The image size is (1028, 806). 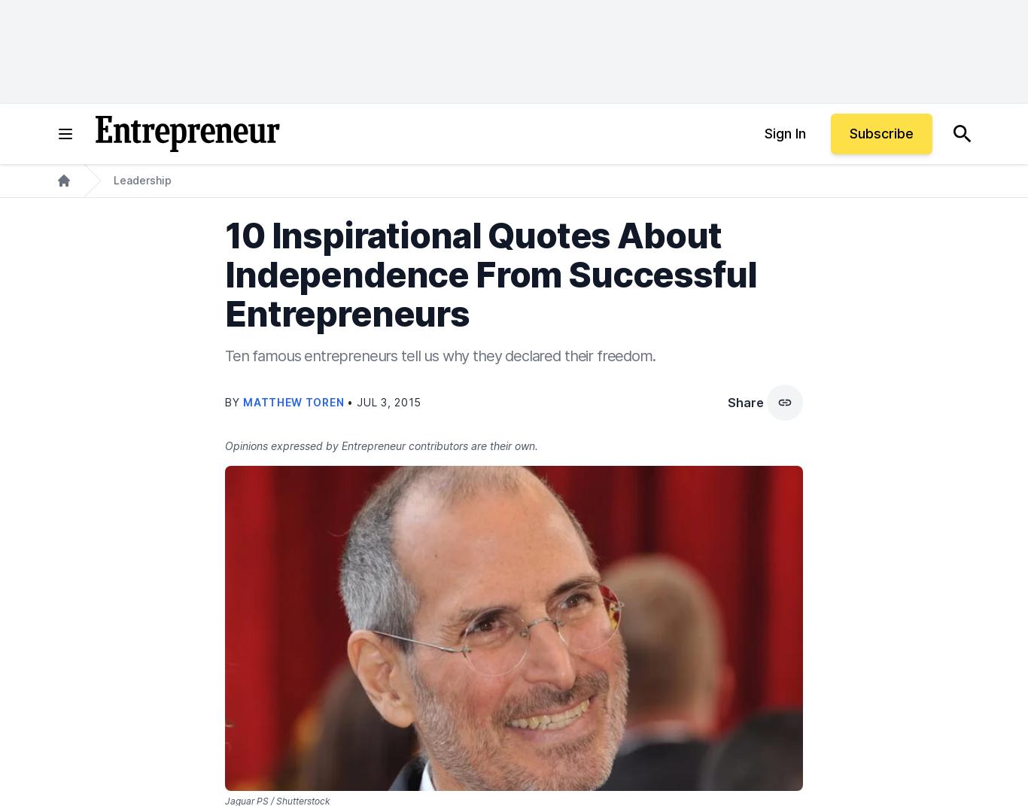 What do you see at coordinates (514, 357) in the screenshot?
I see `'They're Not Grateful for Stingy Vacation Policies — and the Breaking Point Is Near'` at bounding box center [514, 357].